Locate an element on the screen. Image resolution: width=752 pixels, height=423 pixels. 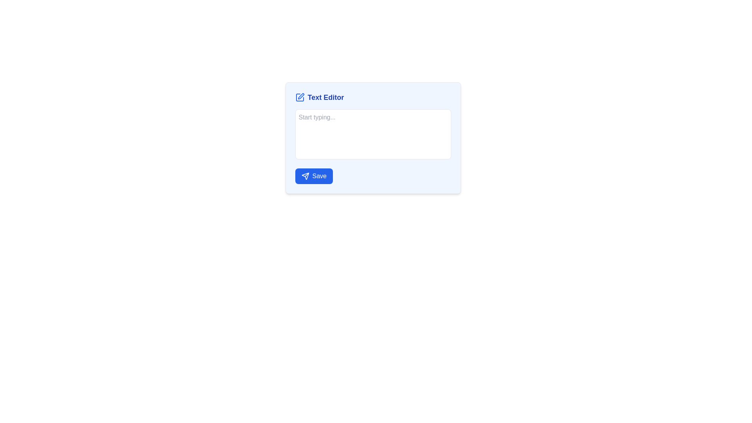
the static text label reading 'Text Editor' which is styled in bold blue font and located near the top-left side of the card-like interface, positioned after the editing icon is located at coordinates (325, 97).